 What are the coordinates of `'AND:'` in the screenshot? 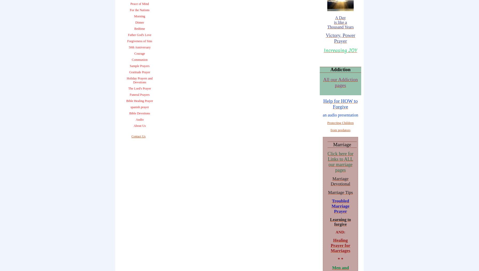 It's located at (340, 232).